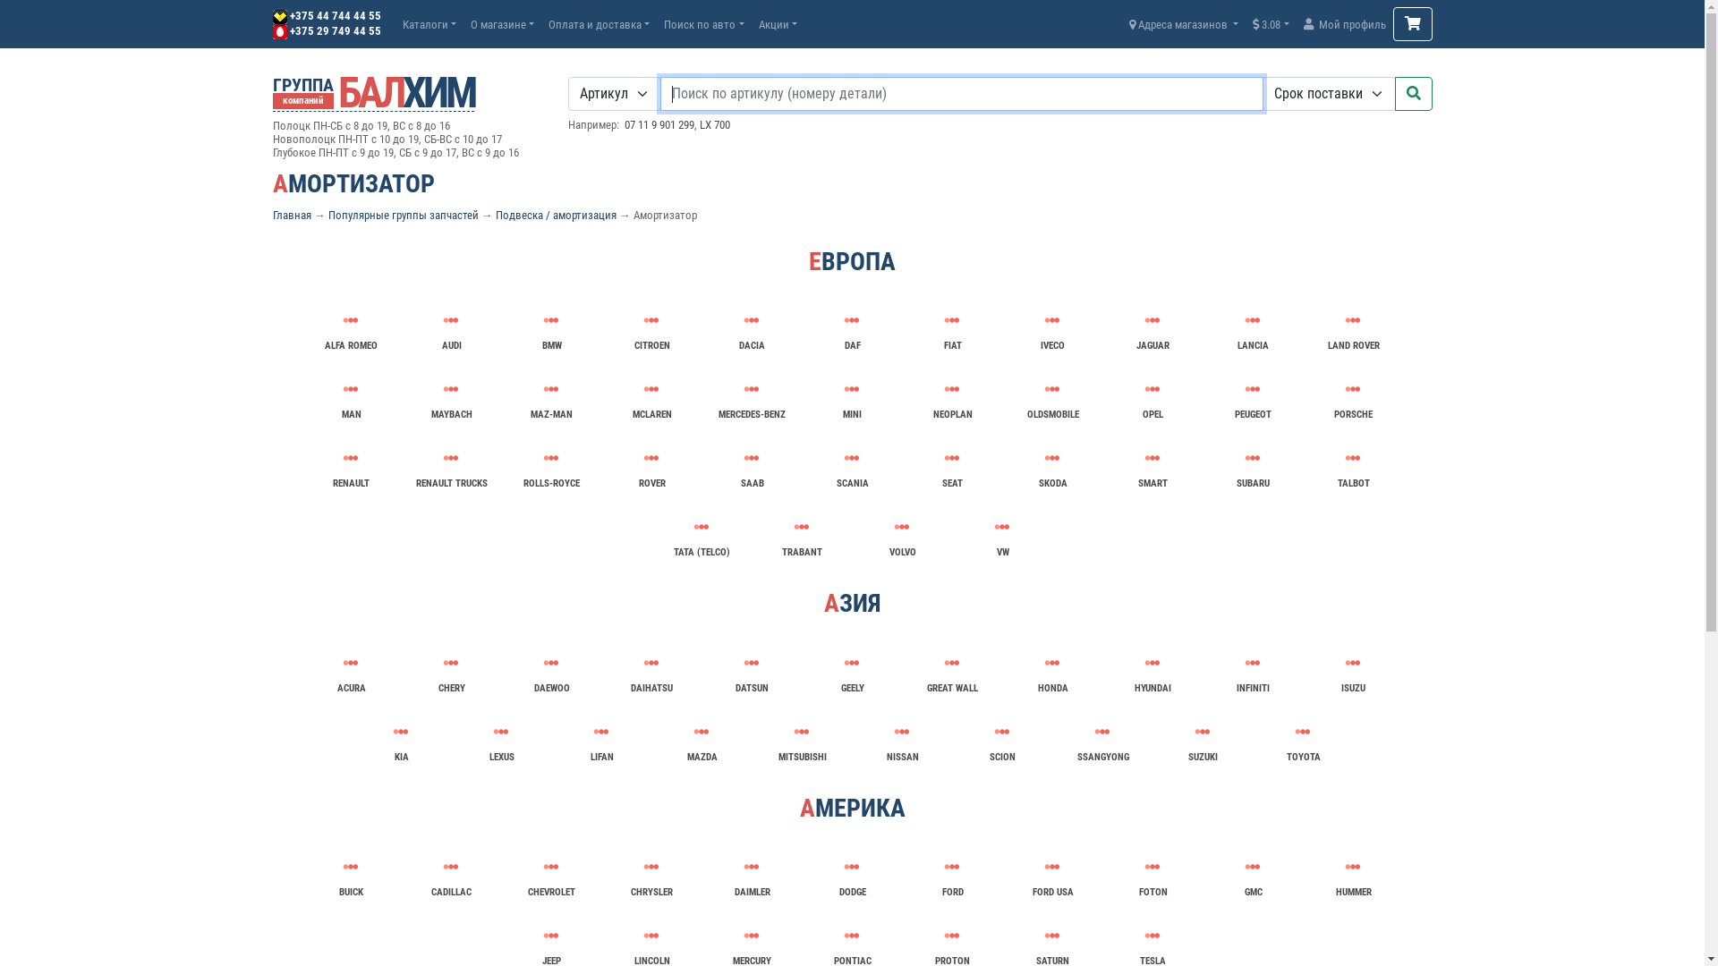  I want to click on 'DODGE', so click(850, 865).